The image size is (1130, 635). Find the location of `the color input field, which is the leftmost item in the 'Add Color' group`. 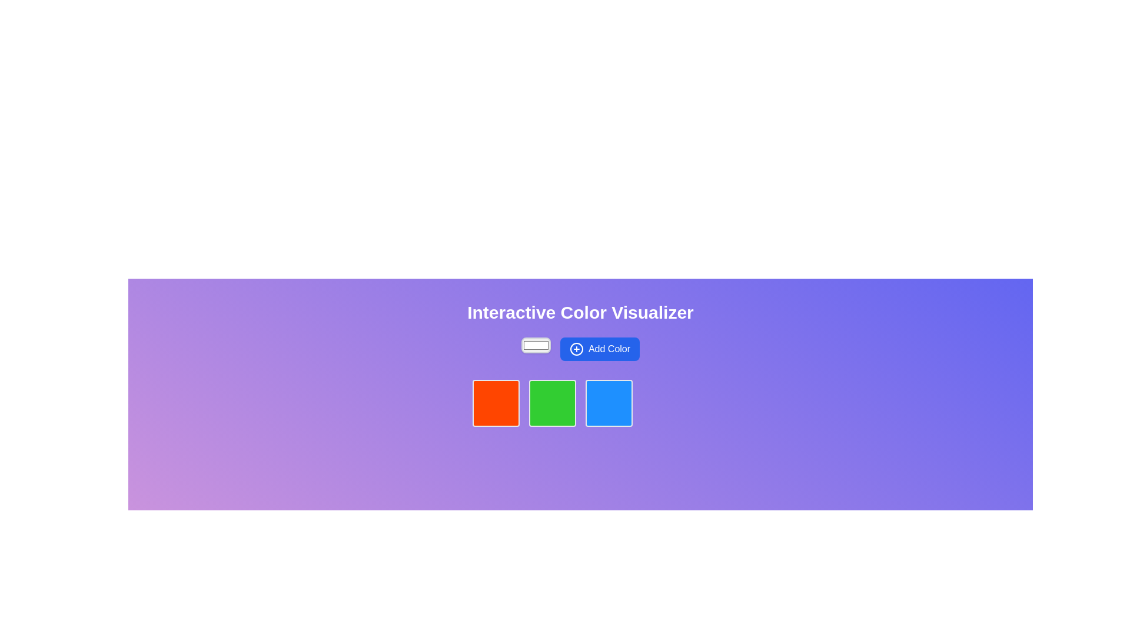

the color input field, which is the leftmost item in the 'Add Color' group is located at coordinates (535, 345).